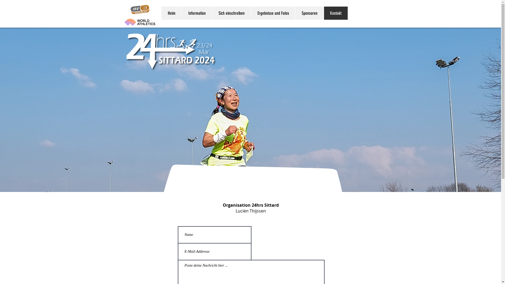  I want to click on 'Heim', so click(171, 13).